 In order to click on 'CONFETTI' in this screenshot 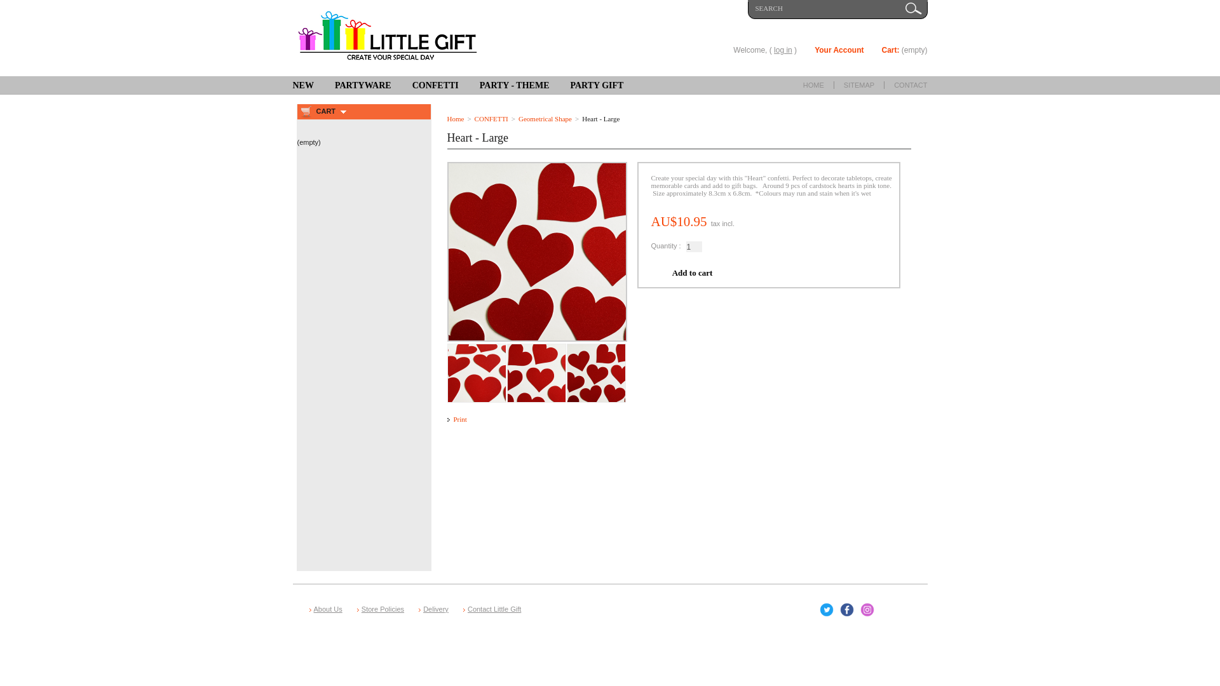, I will do `click(435, 86)`.